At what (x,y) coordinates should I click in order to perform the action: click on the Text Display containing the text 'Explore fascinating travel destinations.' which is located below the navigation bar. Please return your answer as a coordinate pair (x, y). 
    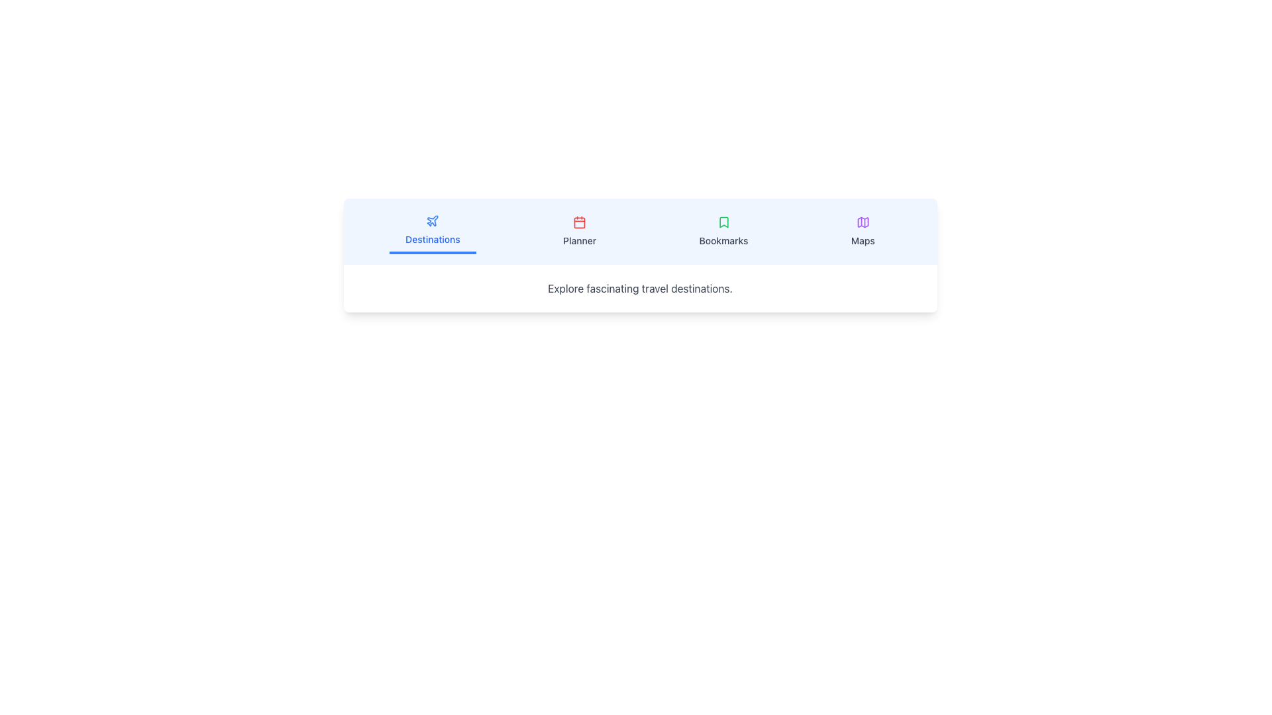
    Looking at the image, I should click on (640, 287).